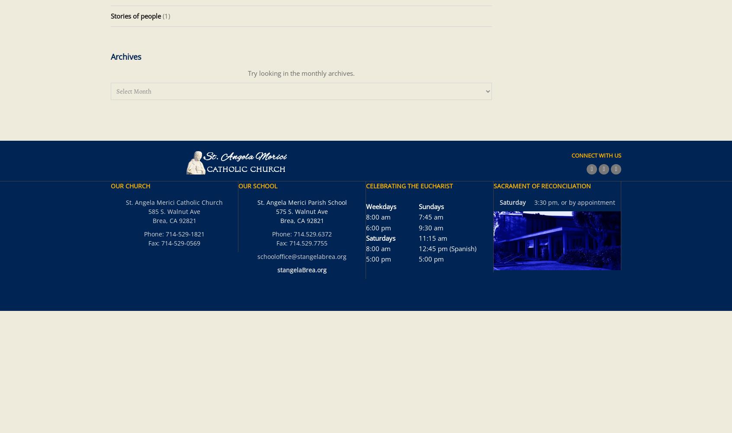 The height and width of the screenshot is (433, 732). What do you see at coordinates (110, 186) in the screenshot?
I see `'Our Church'` at bounding box center [110, 186].